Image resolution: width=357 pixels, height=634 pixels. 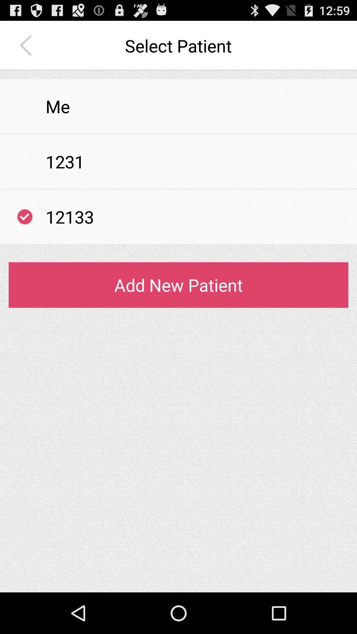 What do you see at coordinates (178, 244) in the screenshot?
I see `item above the add new patient` at bounding box center [178, 244].